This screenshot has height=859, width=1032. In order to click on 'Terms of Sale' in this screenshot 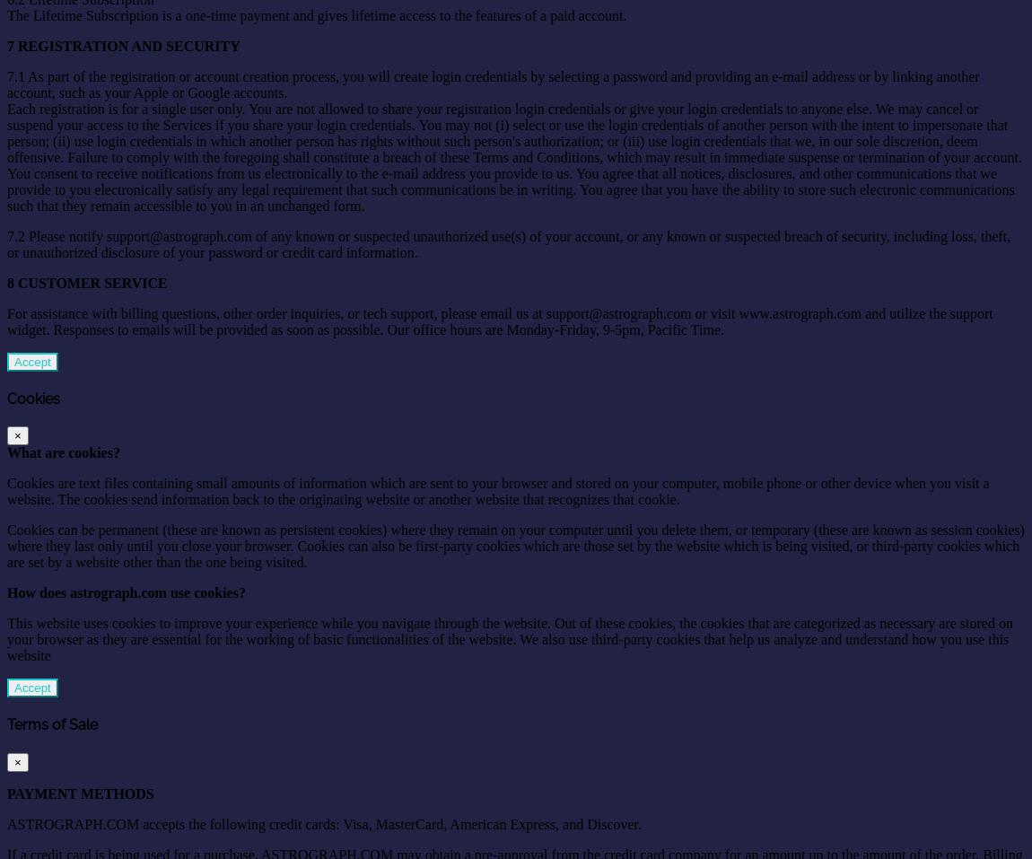, I will do `click(51, 723)`.